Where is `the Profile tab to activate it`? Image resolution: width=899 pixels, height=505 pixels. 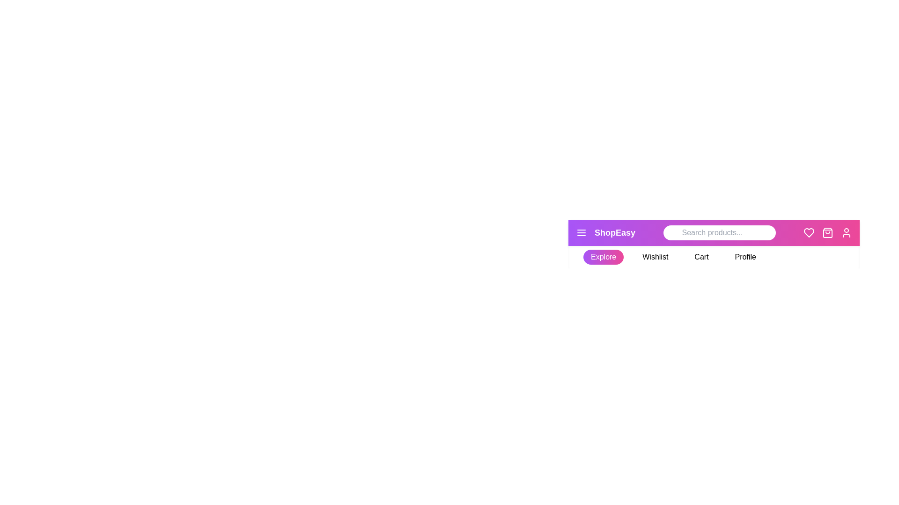
the Profile tab to activate it is located at coordinates (745, 257).